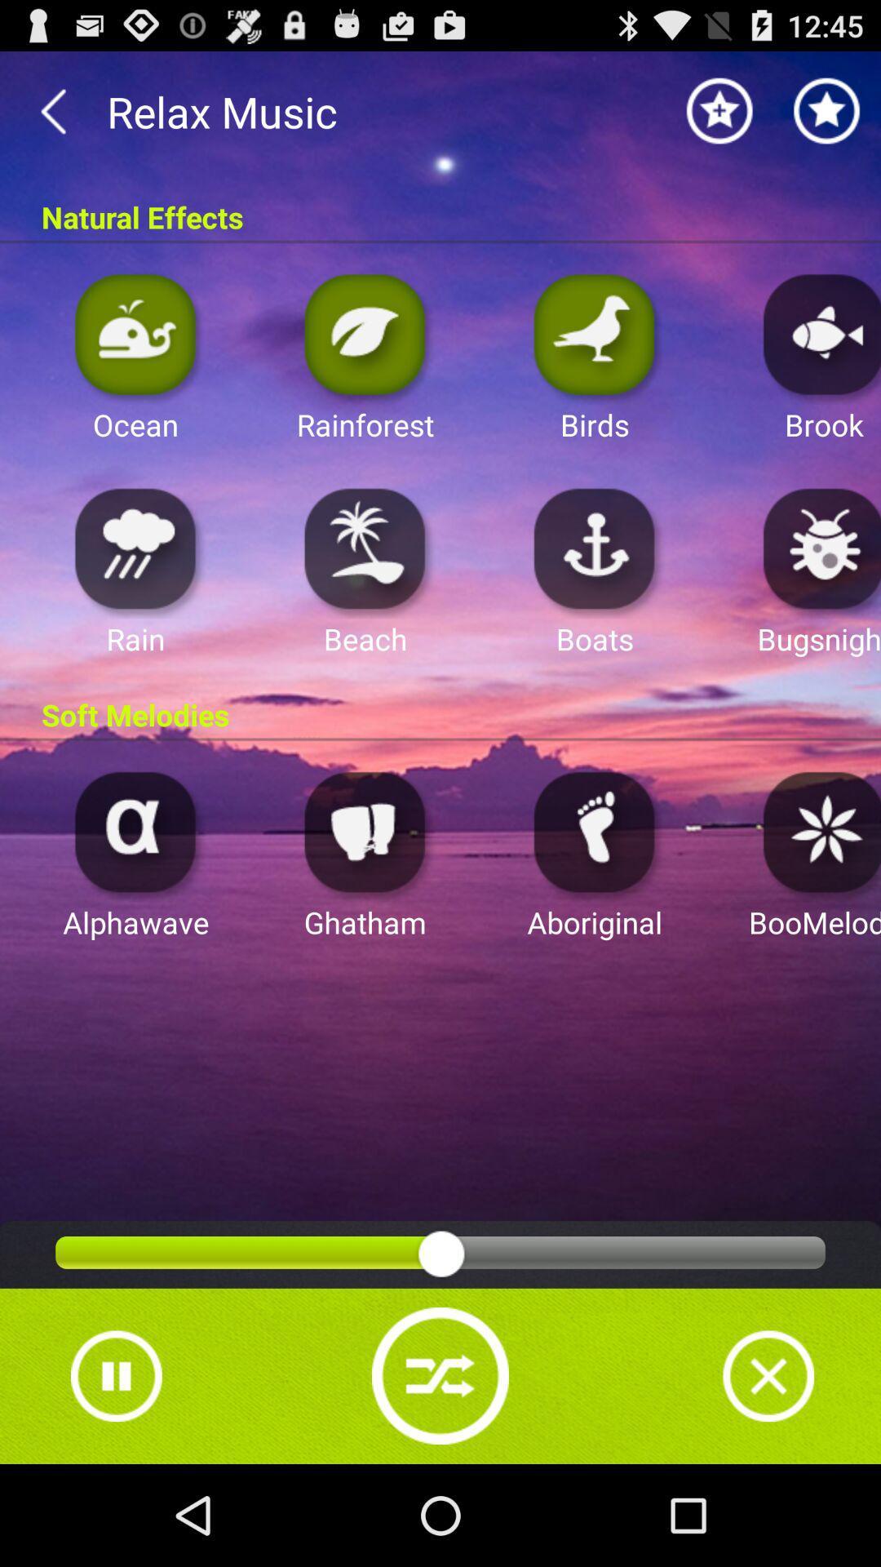 The image size is (881, 1567). Describe the element at coordinates (817, 333) in the screenshot. I see `the brook button` at that location.